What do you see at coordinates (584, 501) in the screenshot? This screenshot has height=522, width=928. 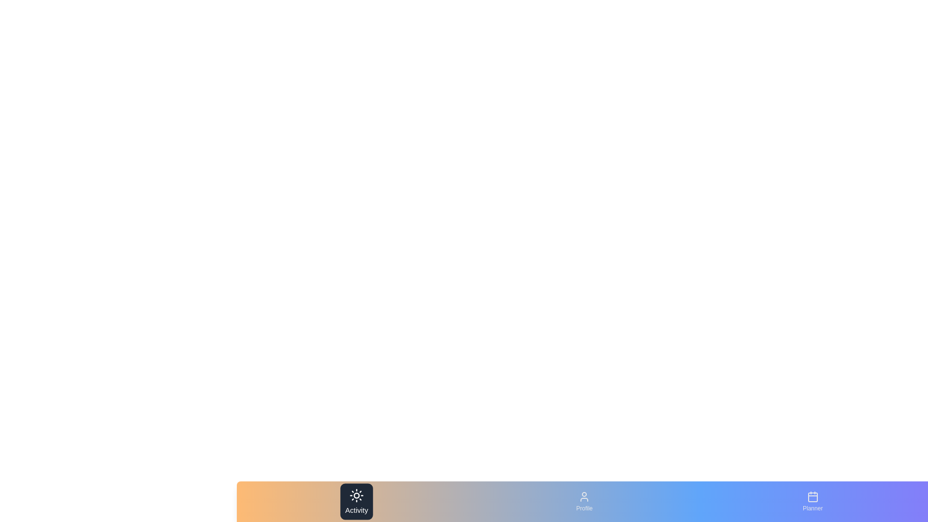 I see `the navigation bar element labeled Profile` at bounding box center [584, 501].